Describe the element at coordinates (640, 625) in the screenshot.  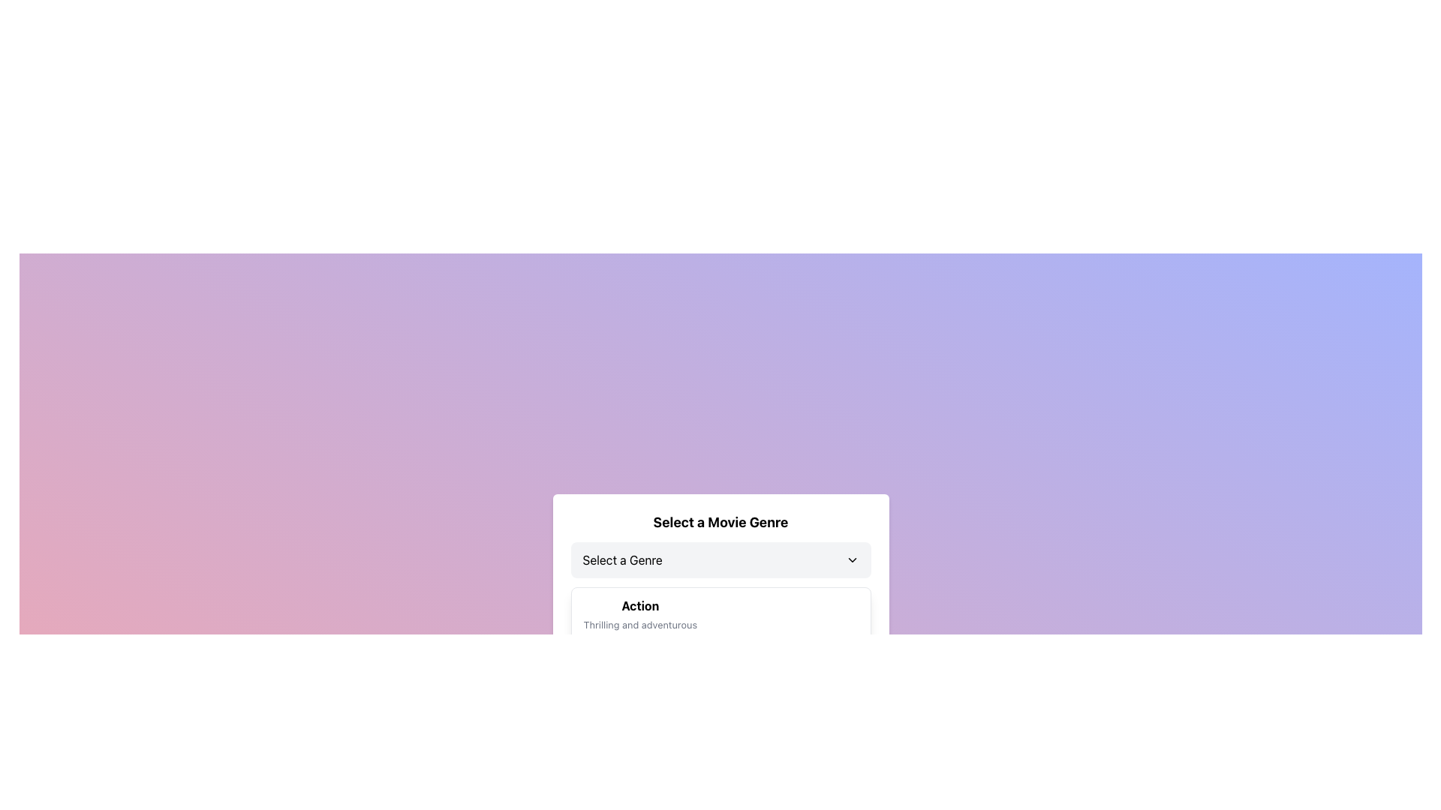
I see `the text label that reads 'Thrilling and adventurous,' which is styled in gray and serves as a descriptive subtext for the 'Action' genre heading` at that location.